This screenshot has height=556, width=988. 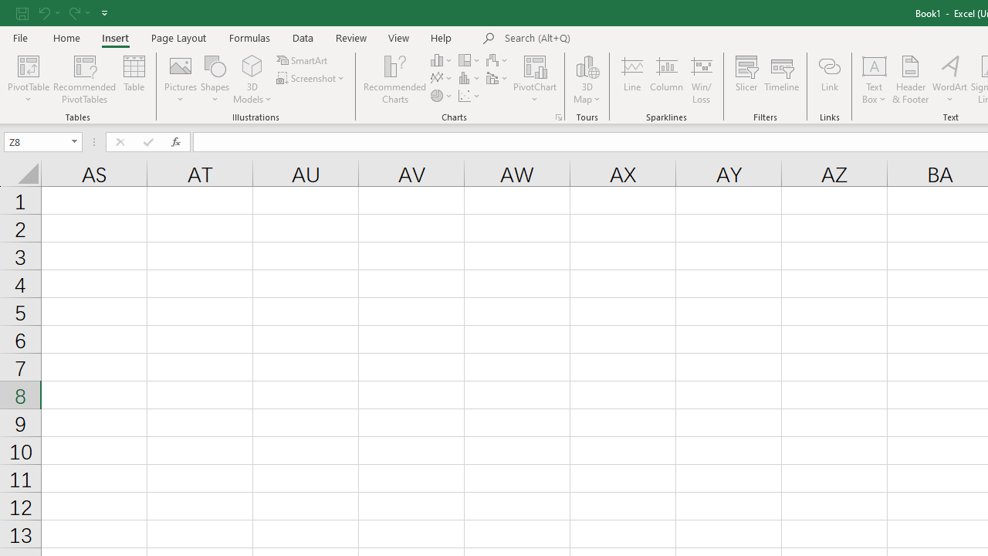 What do you see at coordinates (441, 37) in the screenshot?
I see `'Help'` at bounding box center [441, 37].